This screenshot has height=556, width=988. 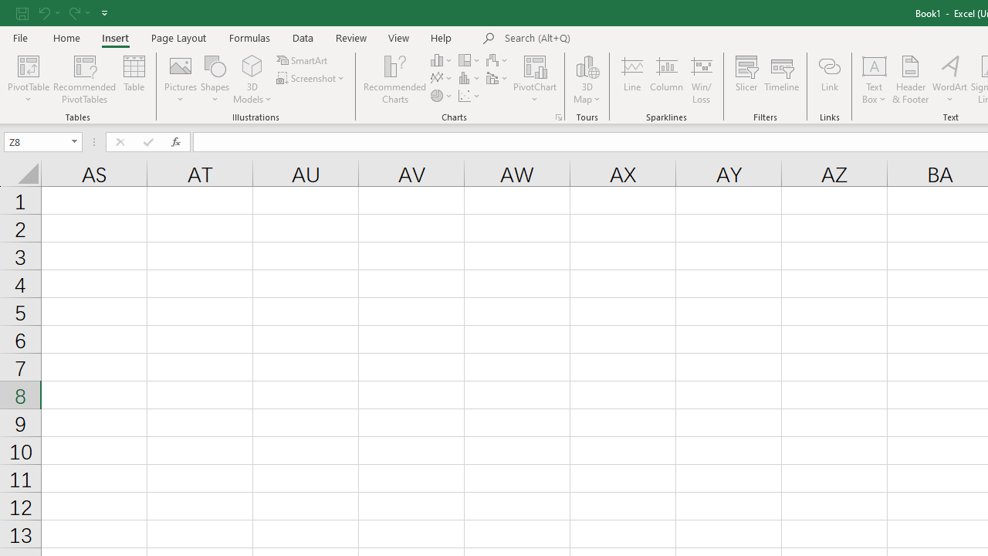 What do you see at coordinates (441, 37) in the screenshot?
I see `'Help'` at bounding box center [441, 37].